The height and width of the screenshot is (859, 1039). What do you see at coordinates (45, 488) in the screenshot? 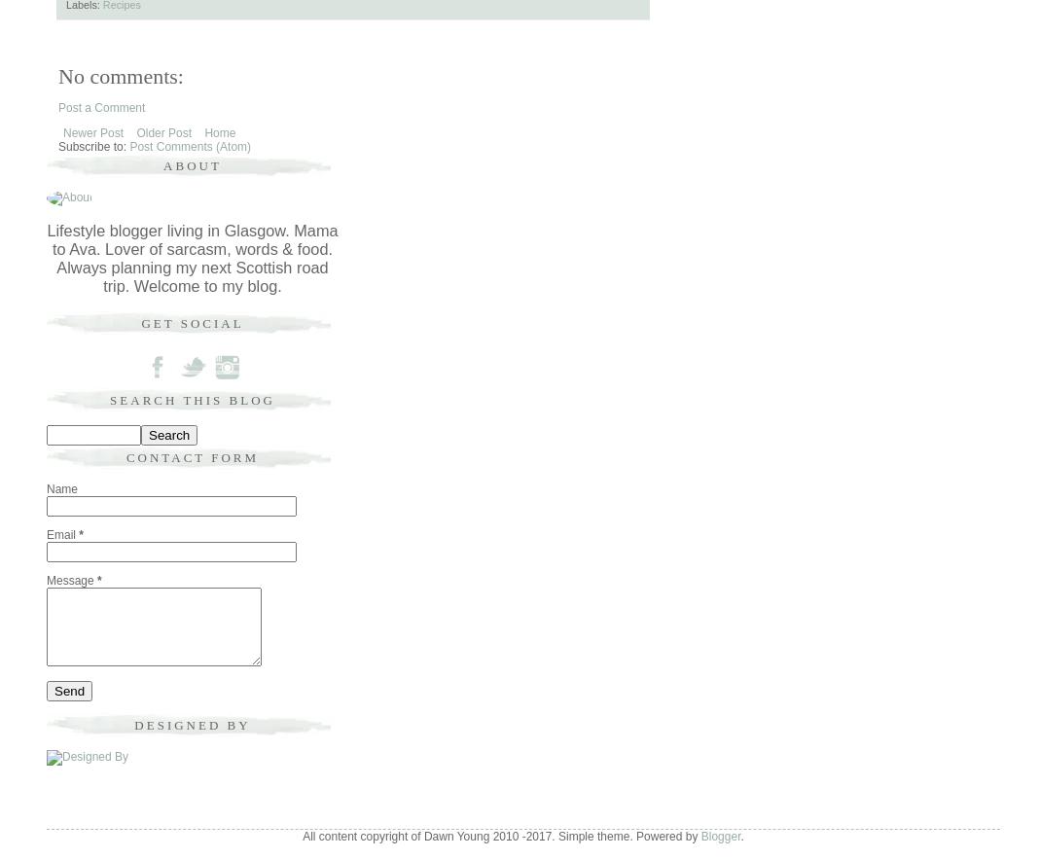
I see `'Name'` at bounding box center [45, 488].